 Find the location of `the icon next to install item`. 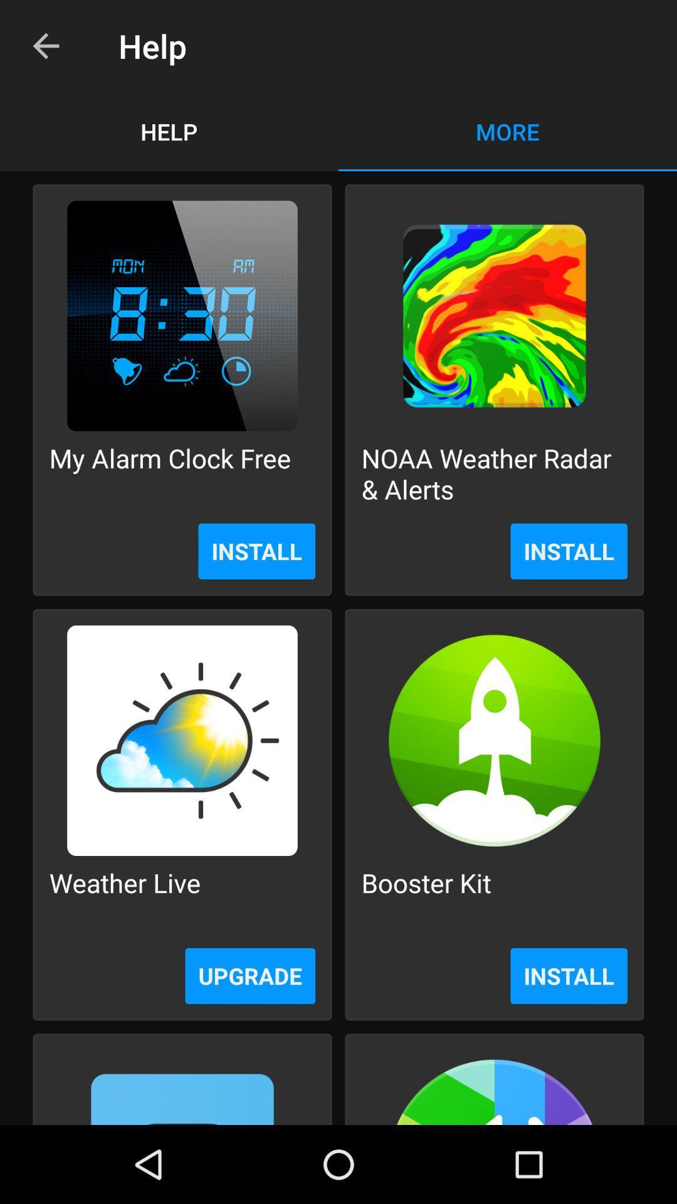

the icon next to install item is located at coordinates (250, 975).